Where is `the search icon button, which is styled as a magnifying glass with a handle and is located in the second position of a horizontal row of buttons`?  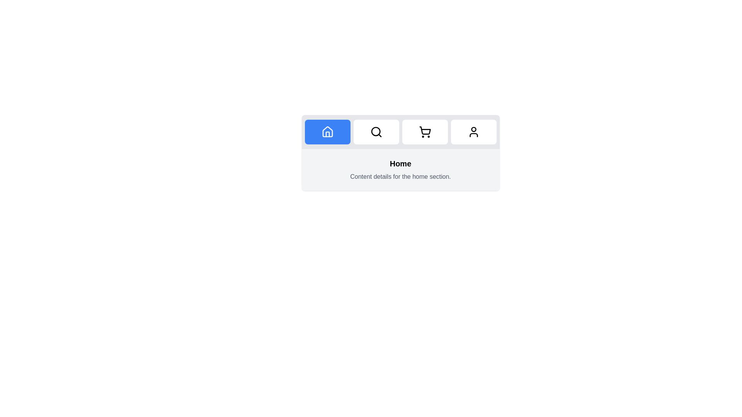
the search icon button, which is styled as a magnifying glass with a handle and is located in the second position of a horizontal row of buttons is located at coordinates (376, 132).